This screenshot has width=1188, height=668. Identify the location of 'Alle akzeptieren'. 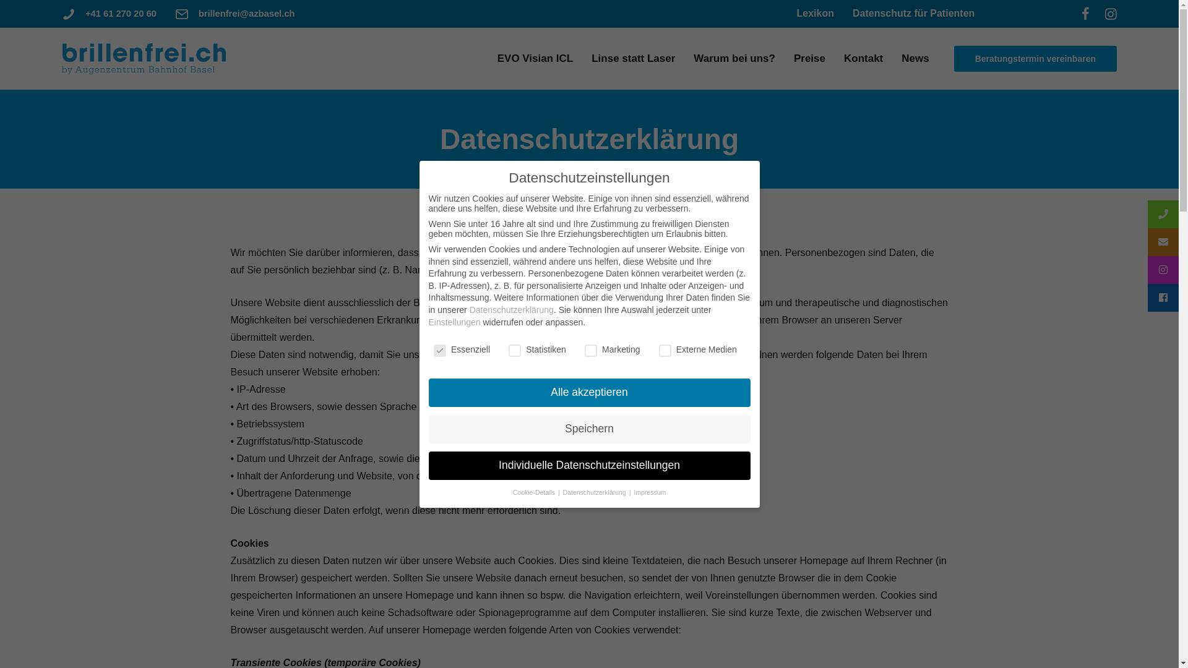
(588, 393).